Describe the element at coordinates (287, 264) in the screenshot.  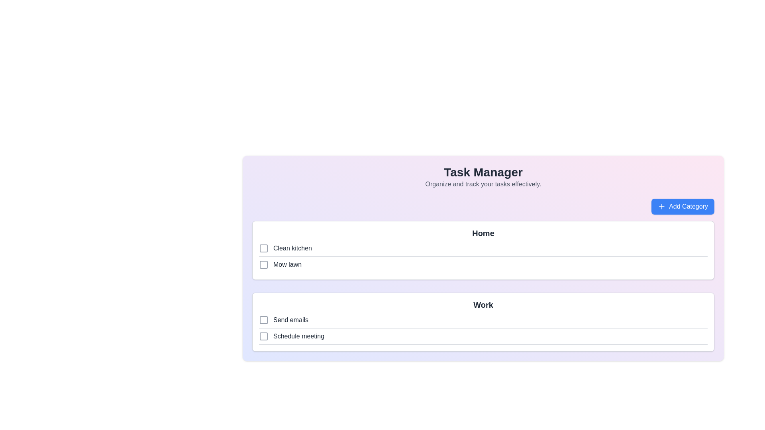
I see `the text label reading 'Mow lawn', which is styled in a gray font and is the second item in the vertical list within the 'Home' task category` at that location.